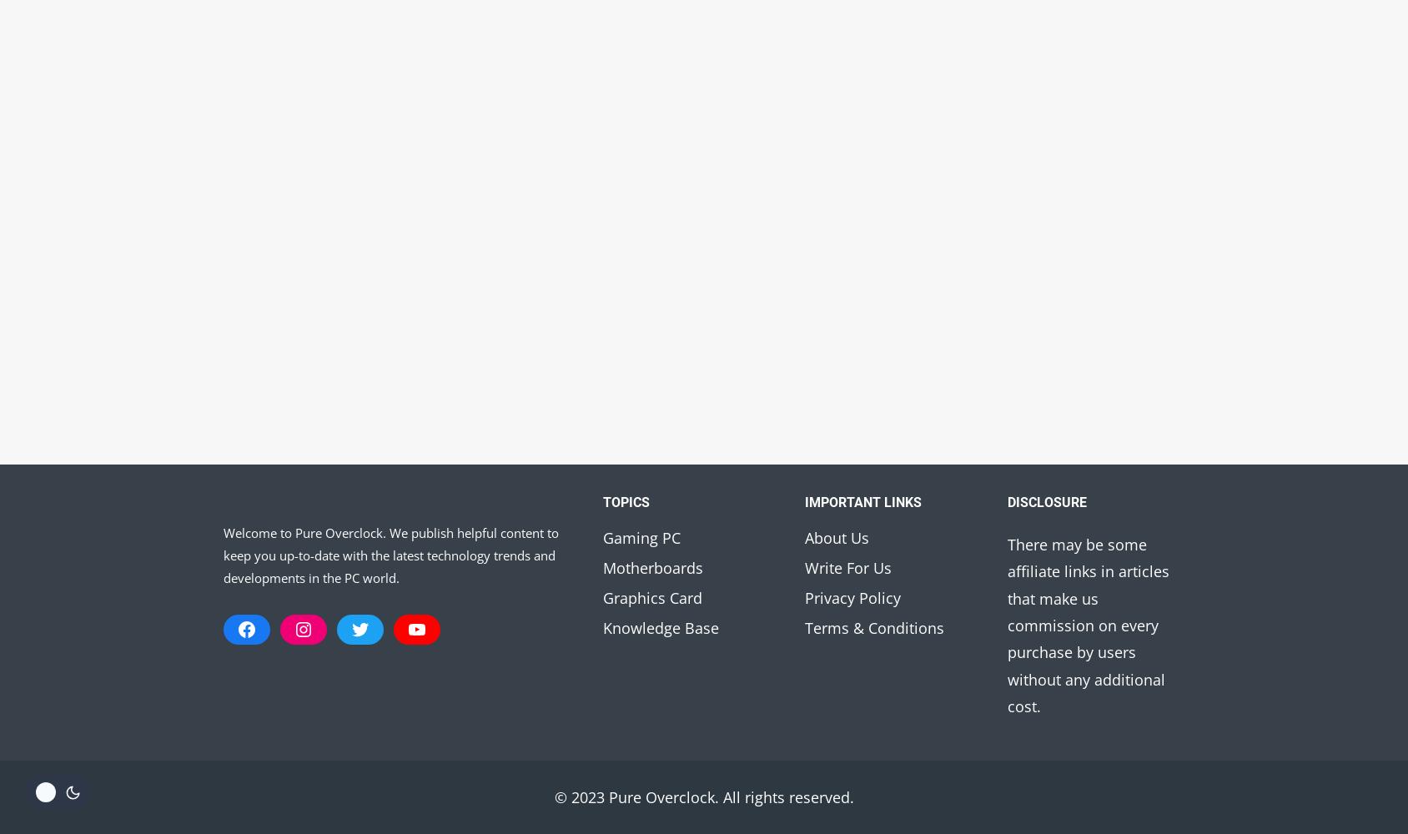  I want to click on 'Disclosure', so click(1046, 500).